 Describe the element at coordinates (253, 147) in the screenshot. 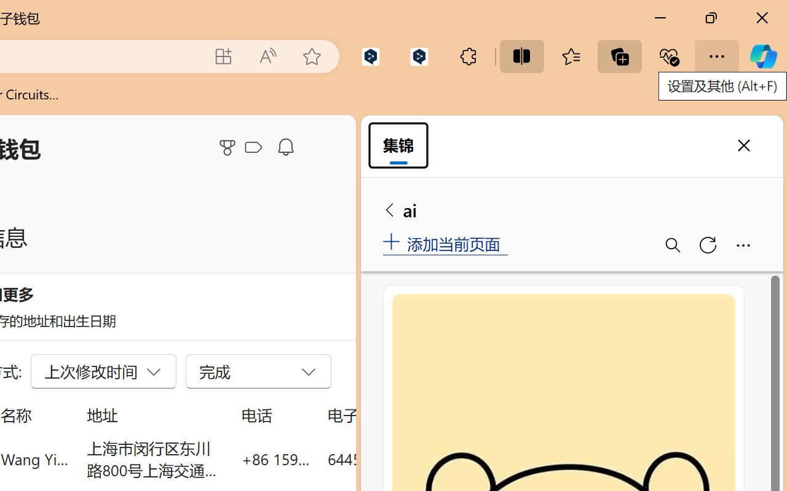

I see `'Class: ___1lmltc5 f1agt3bx f12qytpq'` at that location.